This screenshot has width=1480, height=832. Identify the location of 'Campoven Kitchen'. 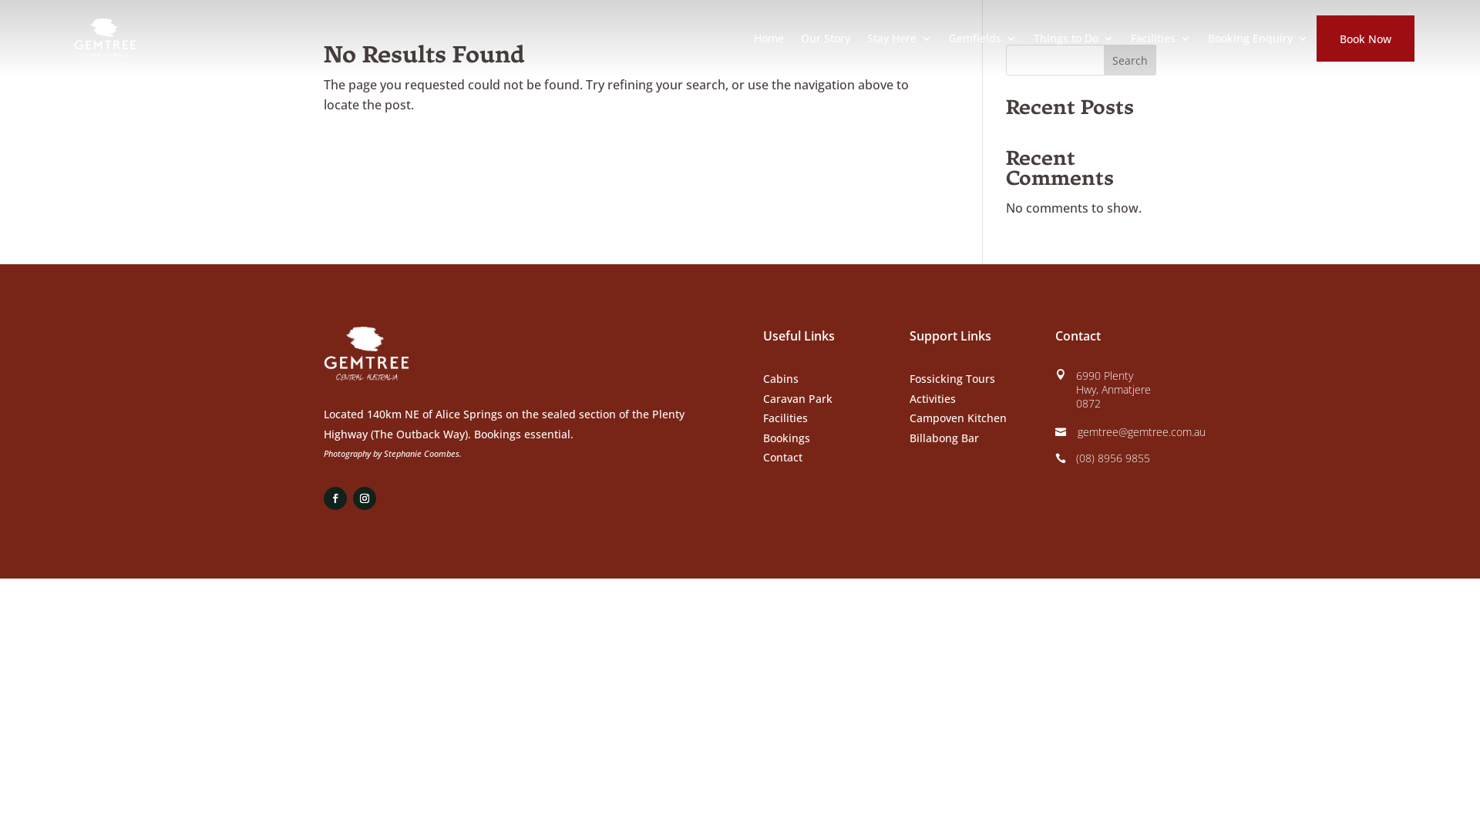
(910, 418).